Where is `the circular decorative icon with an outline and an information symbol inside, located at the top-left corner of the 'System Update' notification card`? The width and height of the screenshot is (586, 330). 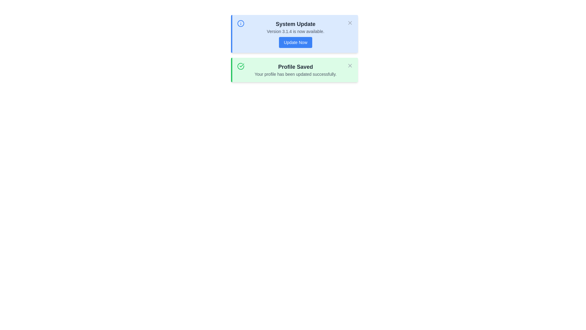 the circular decorative icon with an outline and an information symbol inside, located at the top-left corner of the 'System Update' notification card is located at coordinates (240, 23).